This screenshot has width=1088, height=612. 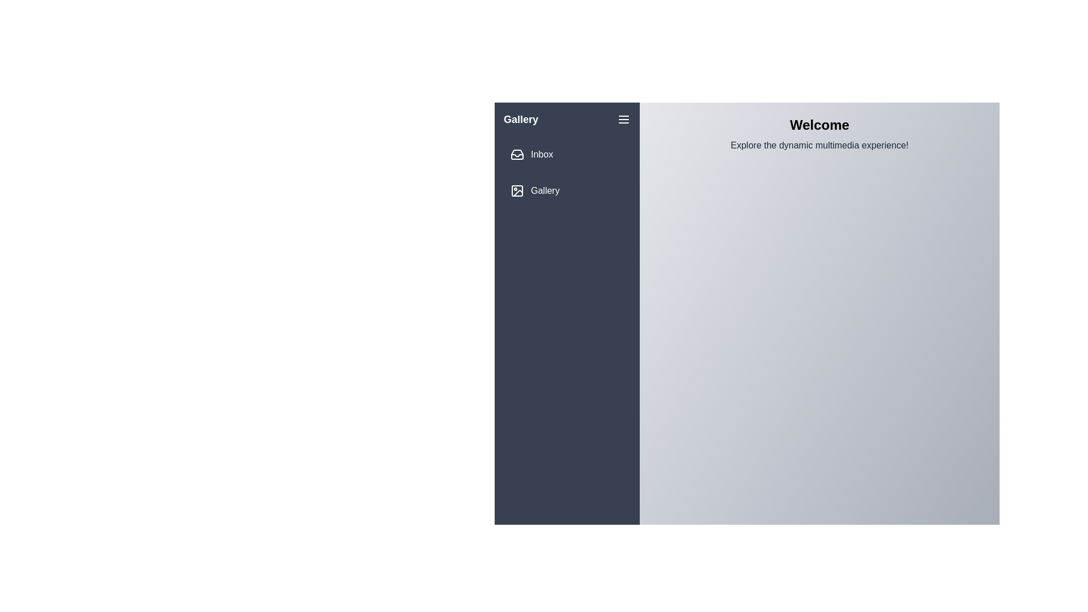 I want to click on the Gallery icon in the vertical navigation menu, which features a mountain and sun design, located as the second item from the top, so click(x=517, y=193).